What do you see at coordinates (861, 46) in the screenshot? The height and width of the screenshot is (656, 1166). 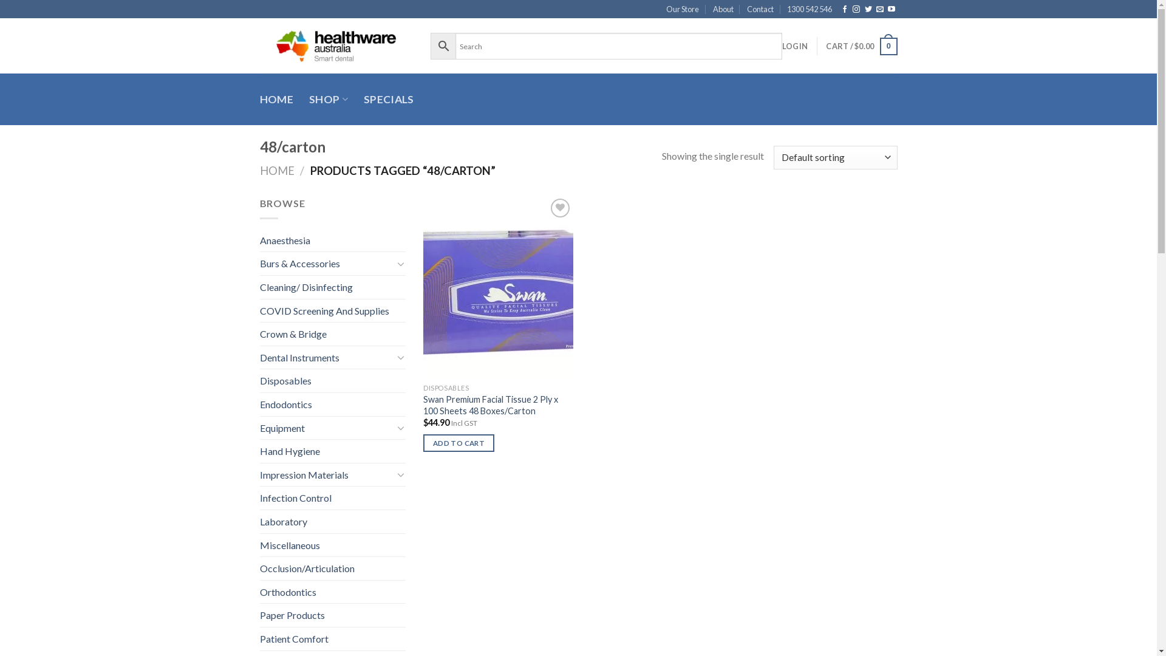 I see `'CART / $0.00` at bounding box center [861, 46].